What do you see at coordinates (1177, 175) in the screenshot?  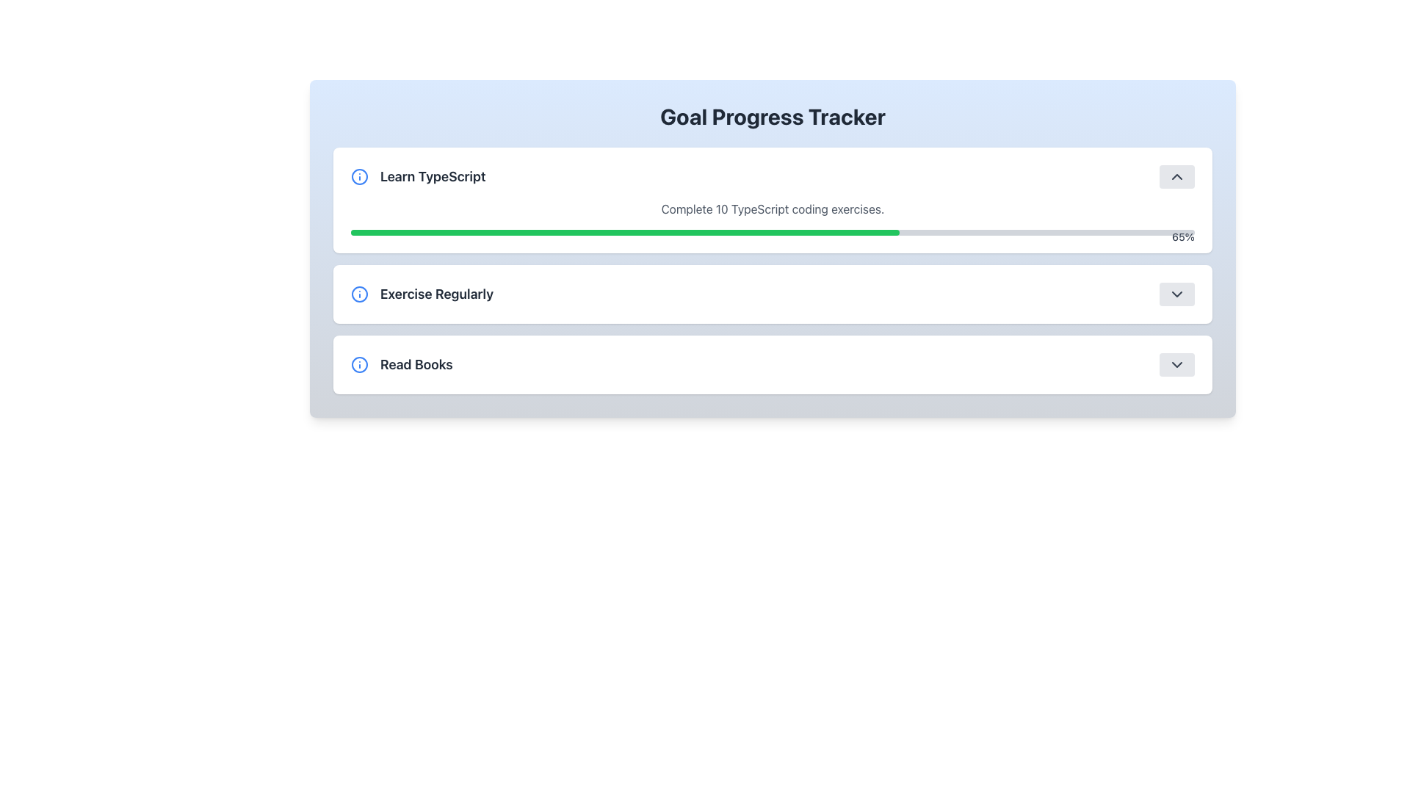 I see `the upward-facing arrow icon within the rectangular button at the far right of the 'Learn TypeScript' section` at bounding box center [1177, 175].